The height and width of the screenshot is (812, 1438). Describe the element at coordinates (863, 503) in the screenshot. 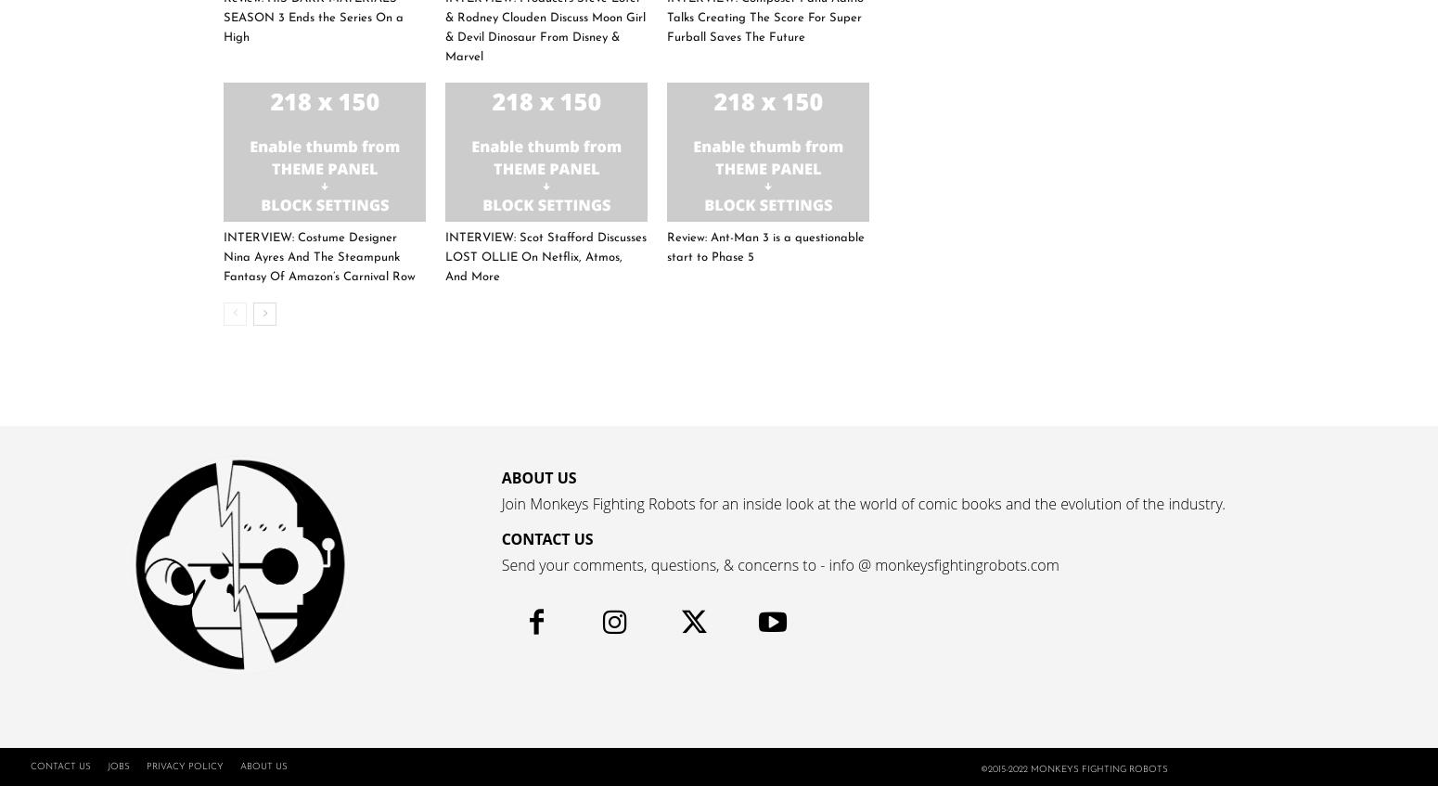

I see `'Join Monkeys Fighting Robots for an inside look at the world of comic books and the evolution of the industry.'` at that location.